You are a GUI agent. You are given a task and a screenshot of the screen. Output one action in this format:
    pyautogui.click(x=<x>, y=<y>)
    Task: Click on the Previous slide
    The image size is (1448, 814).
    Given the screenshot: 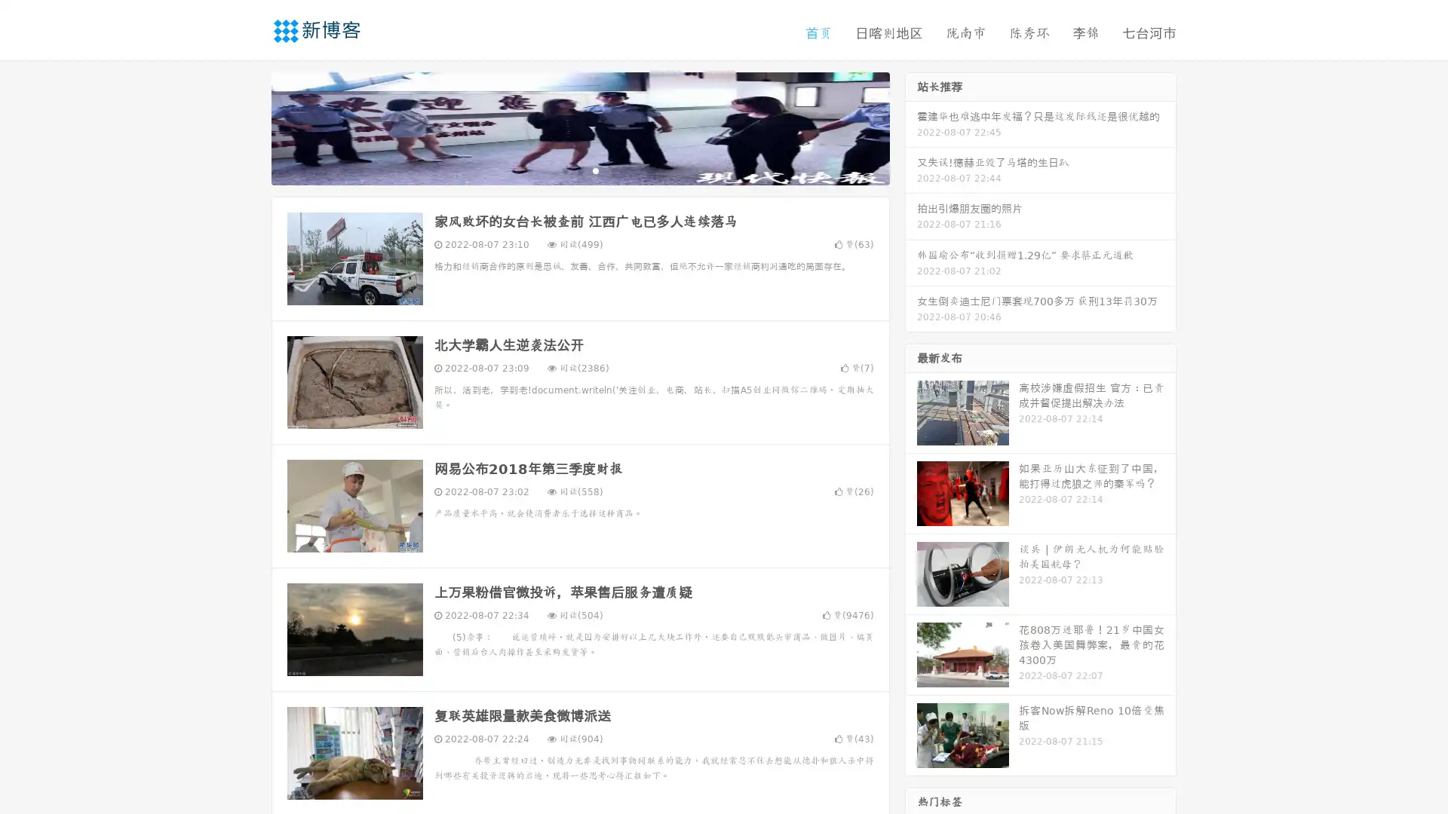 What is the action you would take?
    pyautogui.click(x=249, y=127)
    